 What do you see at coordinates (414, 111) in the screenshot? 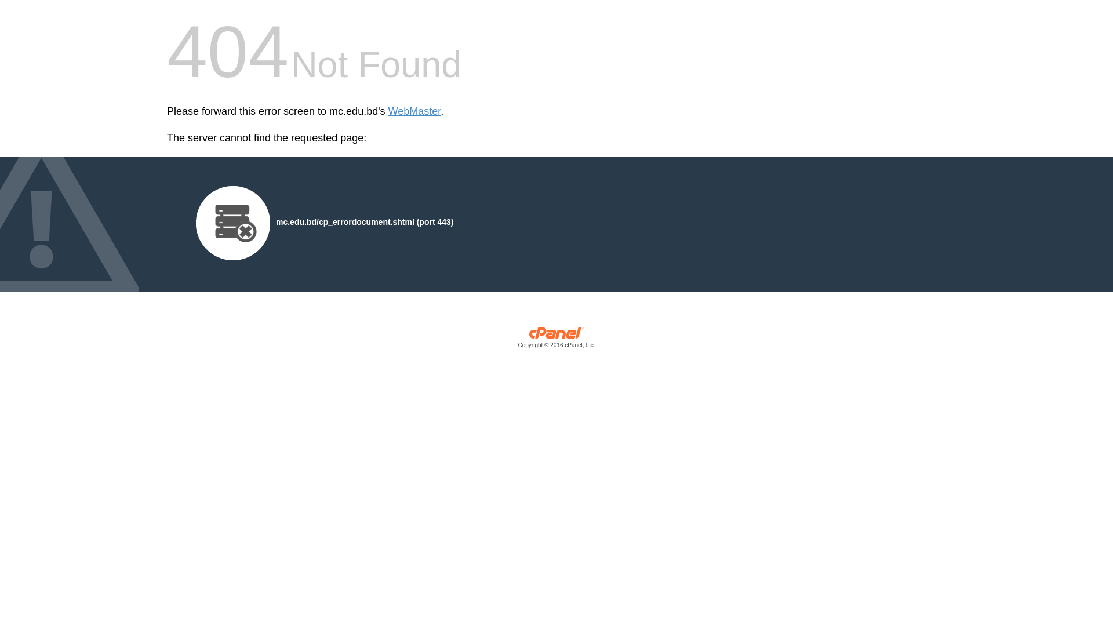
I see `'WebMaster'` at bounding box center [414, 111].